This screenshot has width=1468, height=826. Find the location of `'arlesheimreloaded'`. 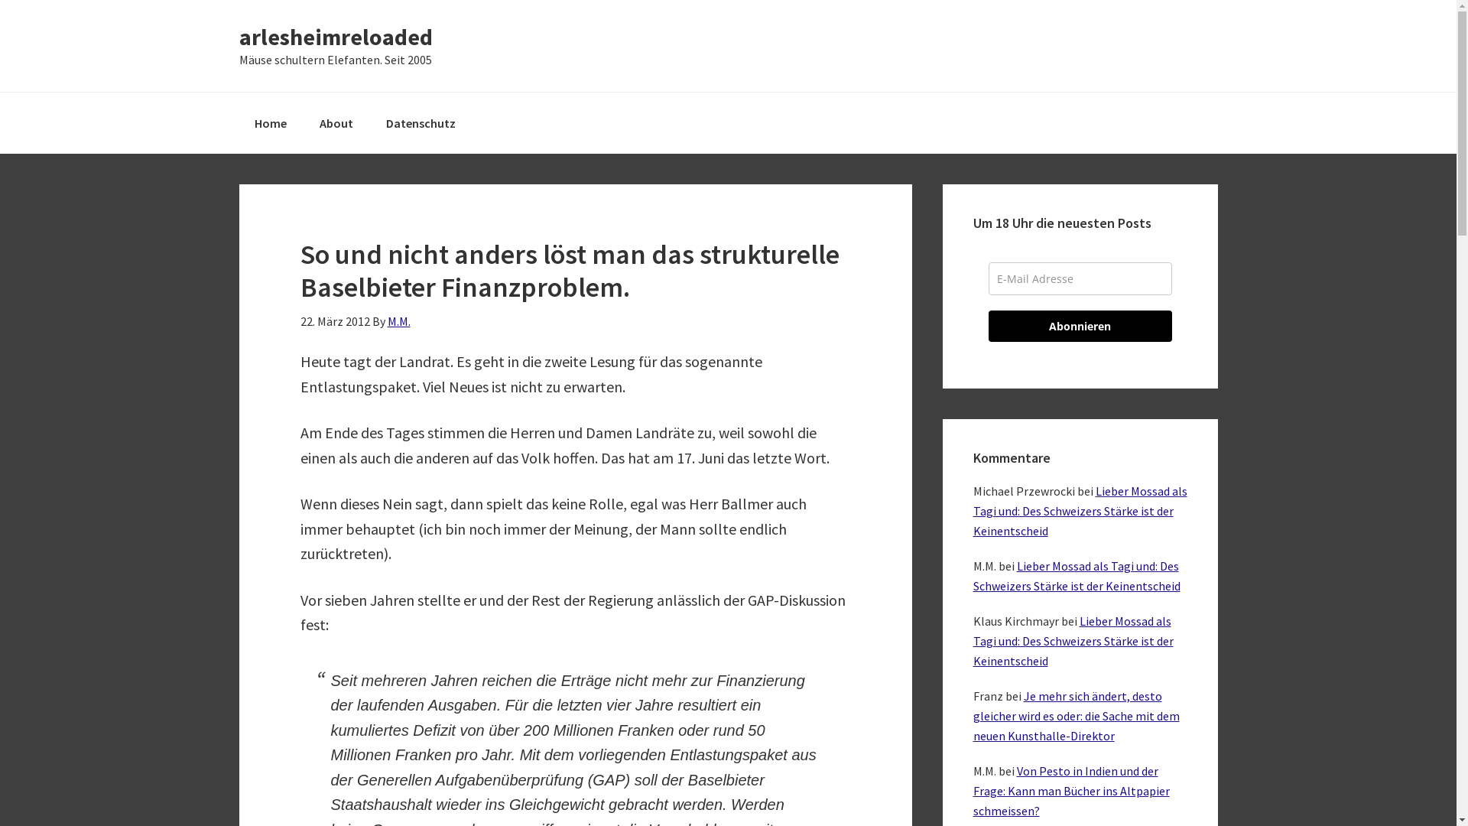

'arlesheimreloaded' is located at coordinates (334, 35).